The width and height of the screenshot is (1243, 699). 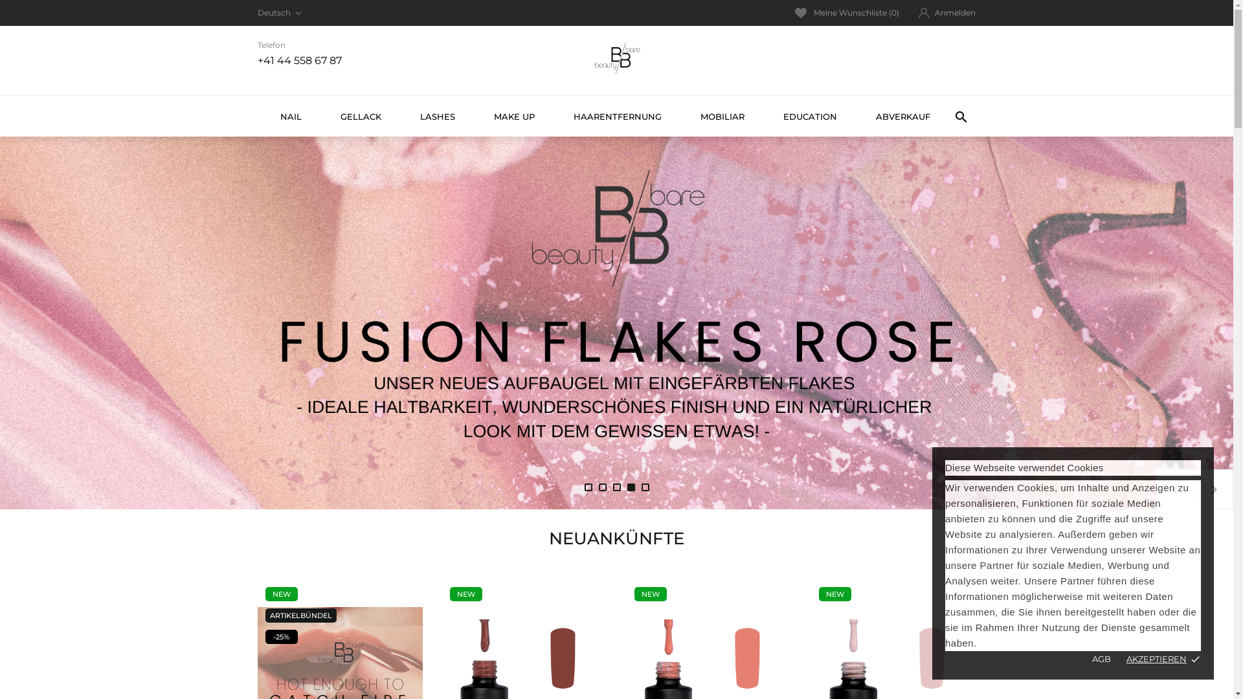 I want to click on 'ABVERKAUF', so click(x=901, y=115).